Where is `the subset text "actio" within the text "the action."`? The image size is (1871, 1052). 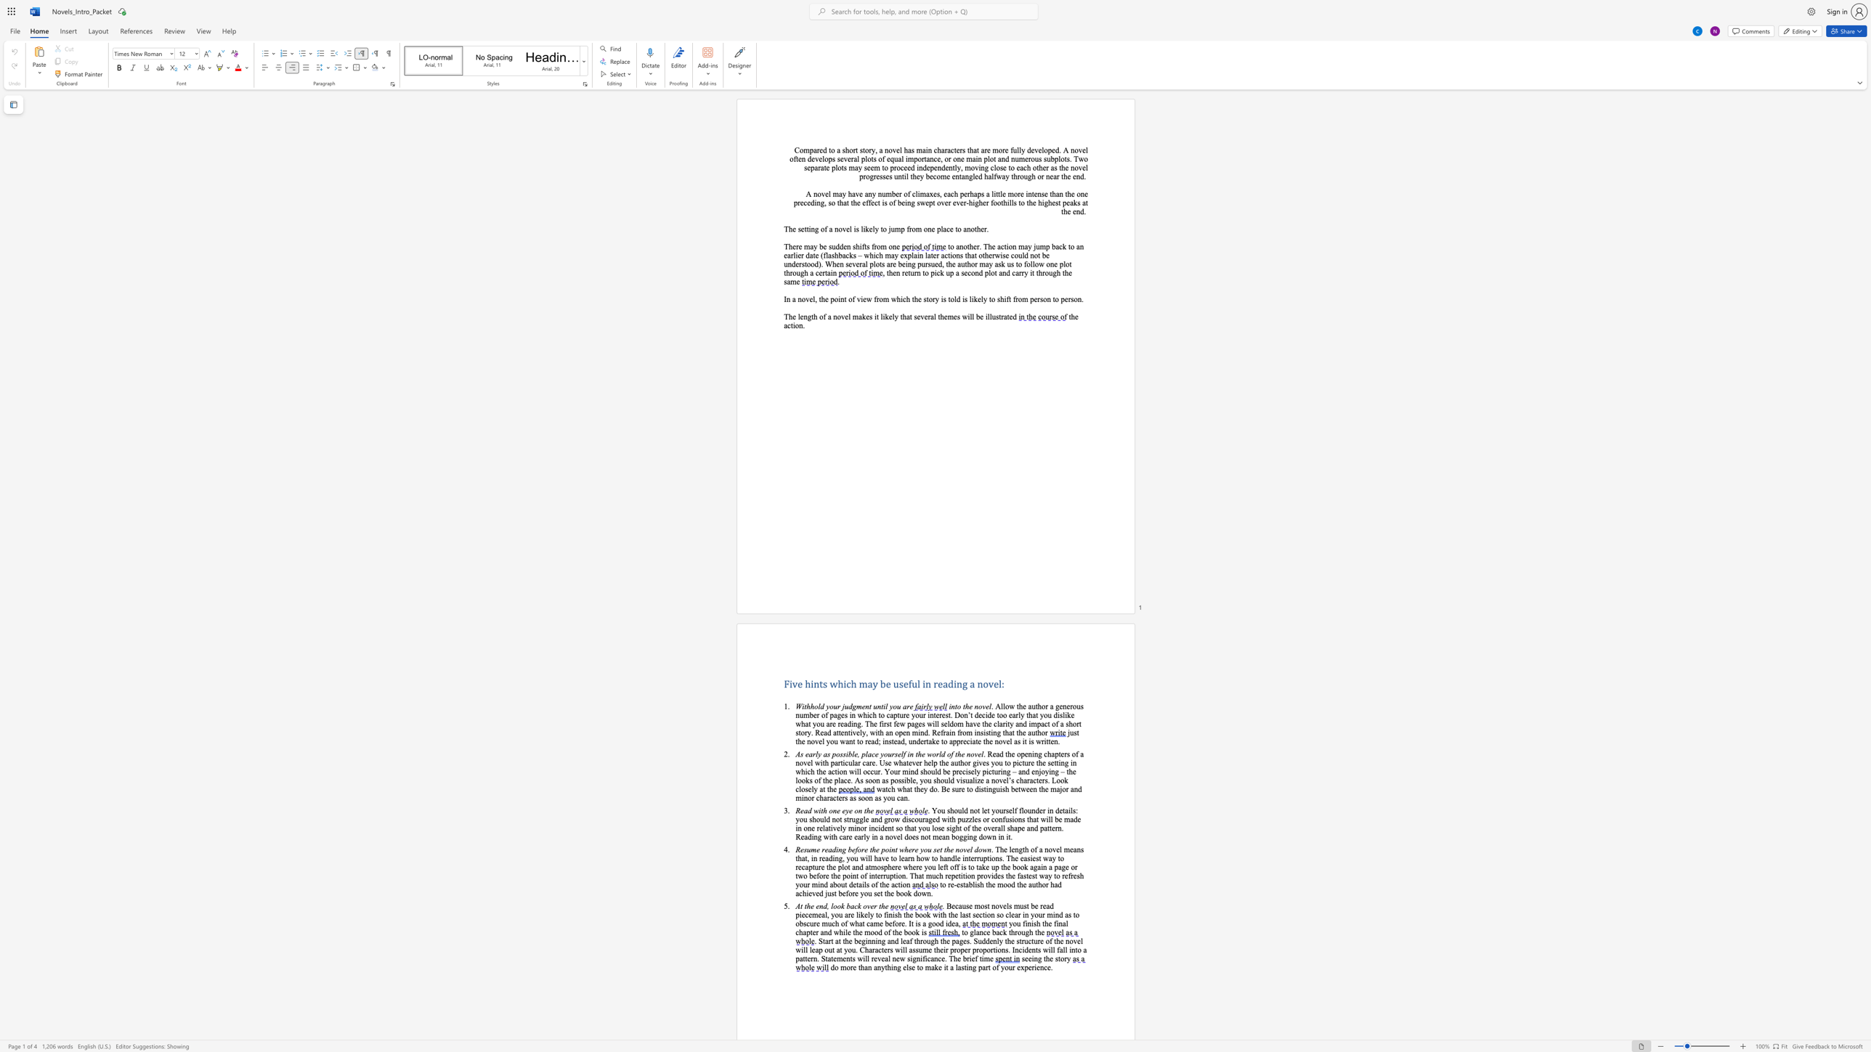 the subset text "actio" within the text "the action." is located at coordinates (784, 325).